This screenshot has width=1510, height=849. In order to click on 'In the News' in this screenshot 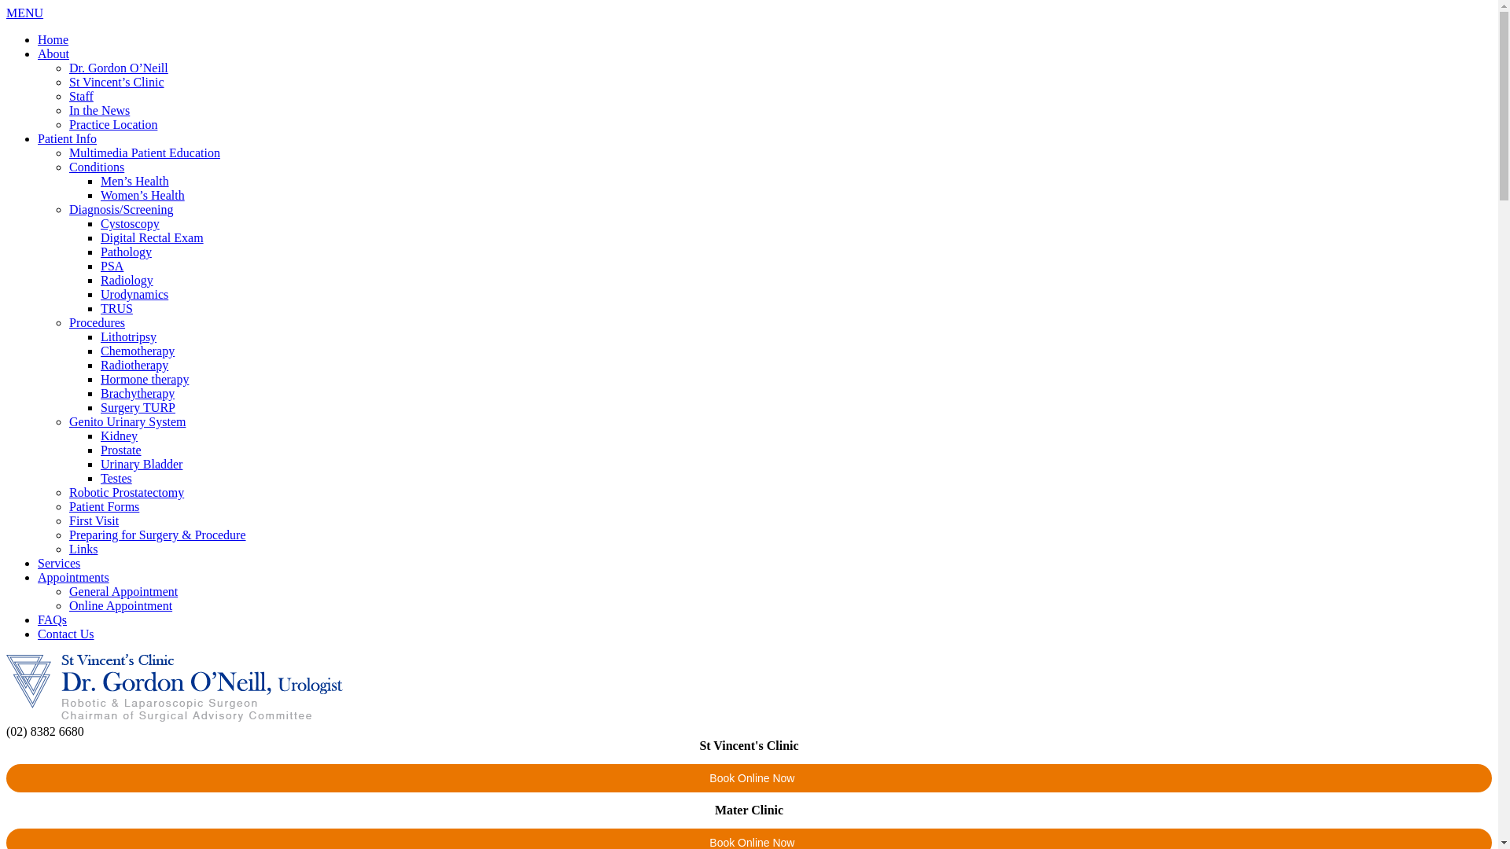, I will do `click(68, 109)`.